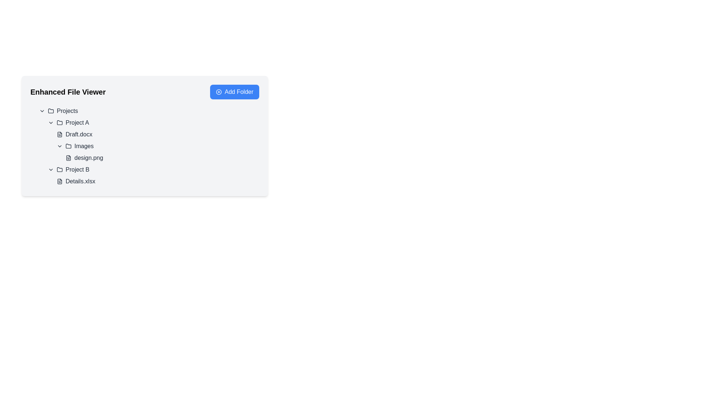  I want to click on the chevron-down icon button used for toggling the visibility of the folder labeled 'Images', so click(60, 146).